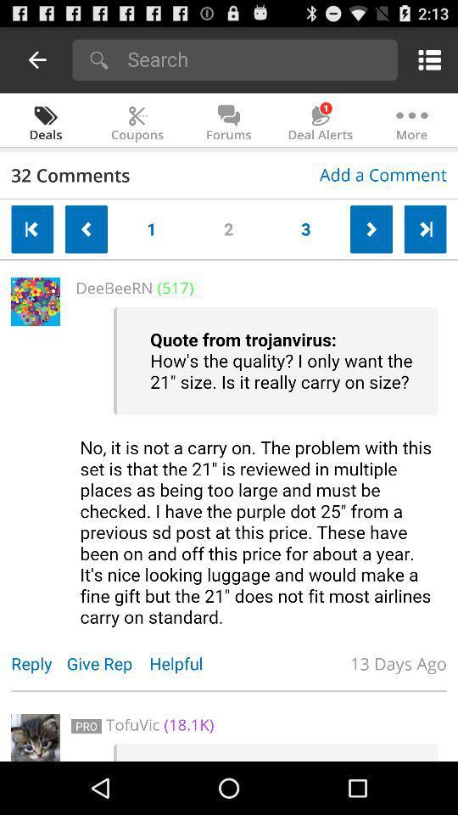  I want to click on go forward, so click(371, 228).